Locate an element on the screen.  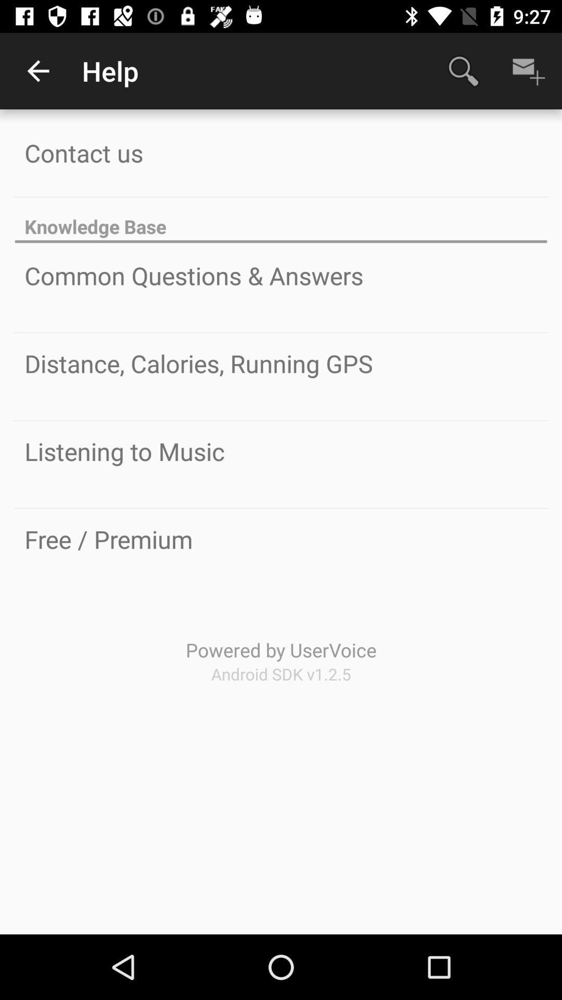
the icon above the common questions & answers is located at coordinates (281, 220).